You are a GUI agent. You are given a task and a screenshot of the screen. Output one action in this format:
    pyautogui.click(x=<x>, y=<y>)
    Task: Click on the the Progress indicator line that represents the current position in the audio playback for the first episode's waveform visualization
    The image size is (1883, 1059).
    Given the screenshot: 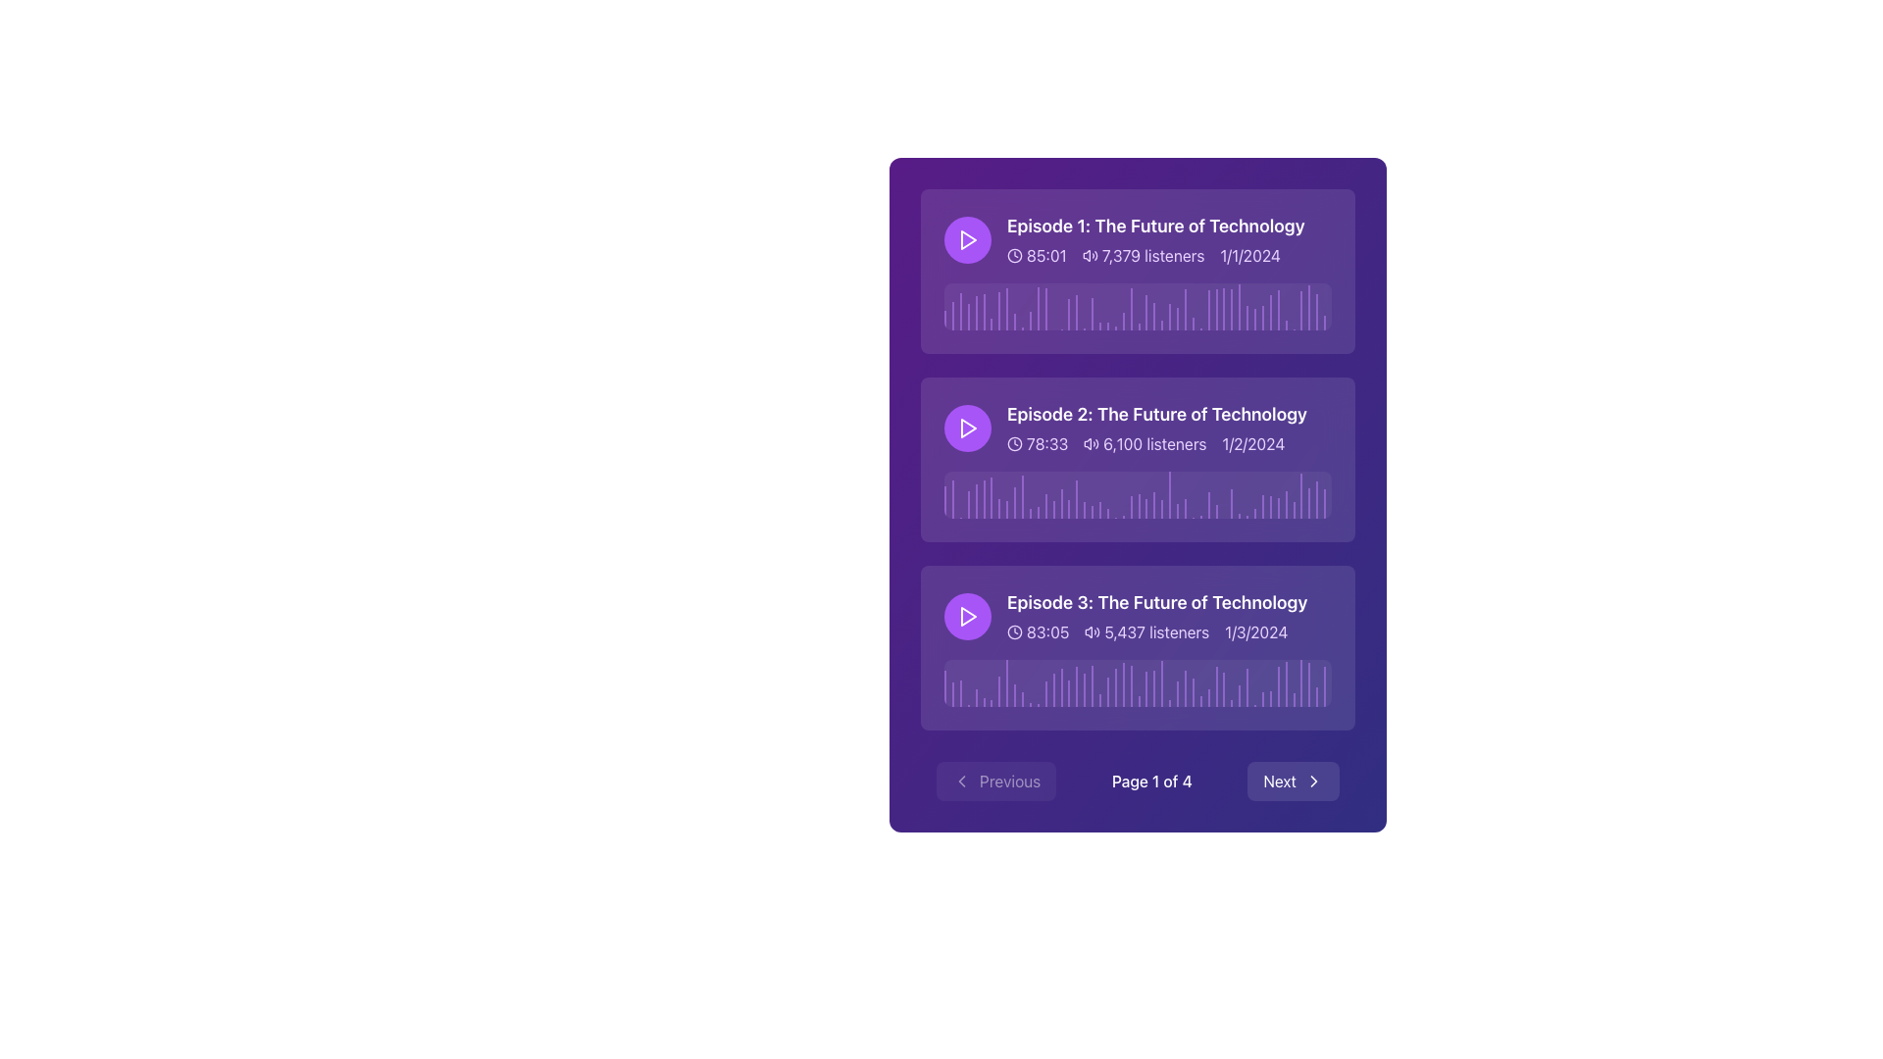 What is the action you would take?
    pyautogui.click(x=1092, y=313)
    